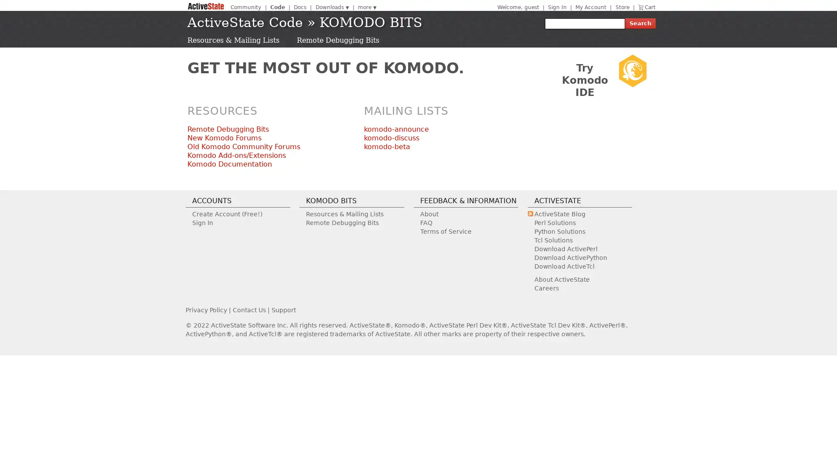 This screenshot has height=471, width=837. Describe the element at coordinates (640, 23) in the screenshot. I see `Search` at that location.